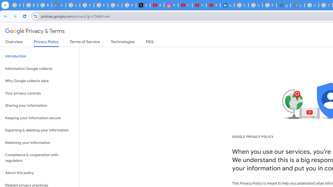  Describe the element at coordinates (157, 5) in the screenshot. I see `'#nbabasketballhighlights - YouTube'` at that location.